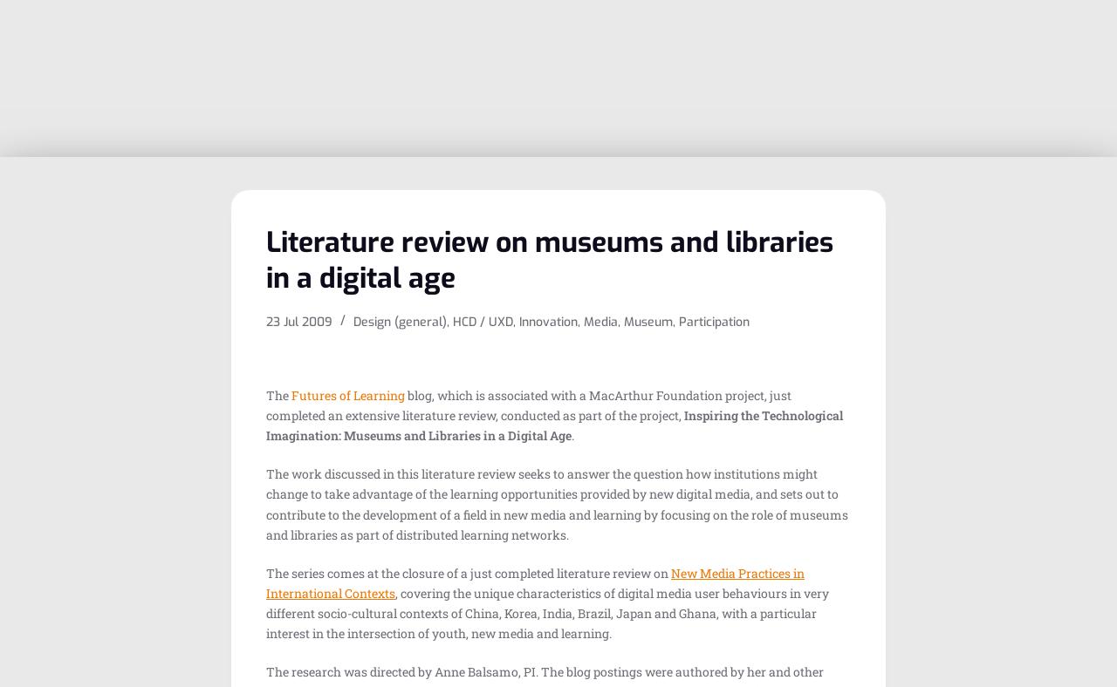 The height and width of the screenshot is (687, 1117). I want to click on 'Museum collections:  digitization â†’ dissemination â†’ dialogue', so click(296, 78).